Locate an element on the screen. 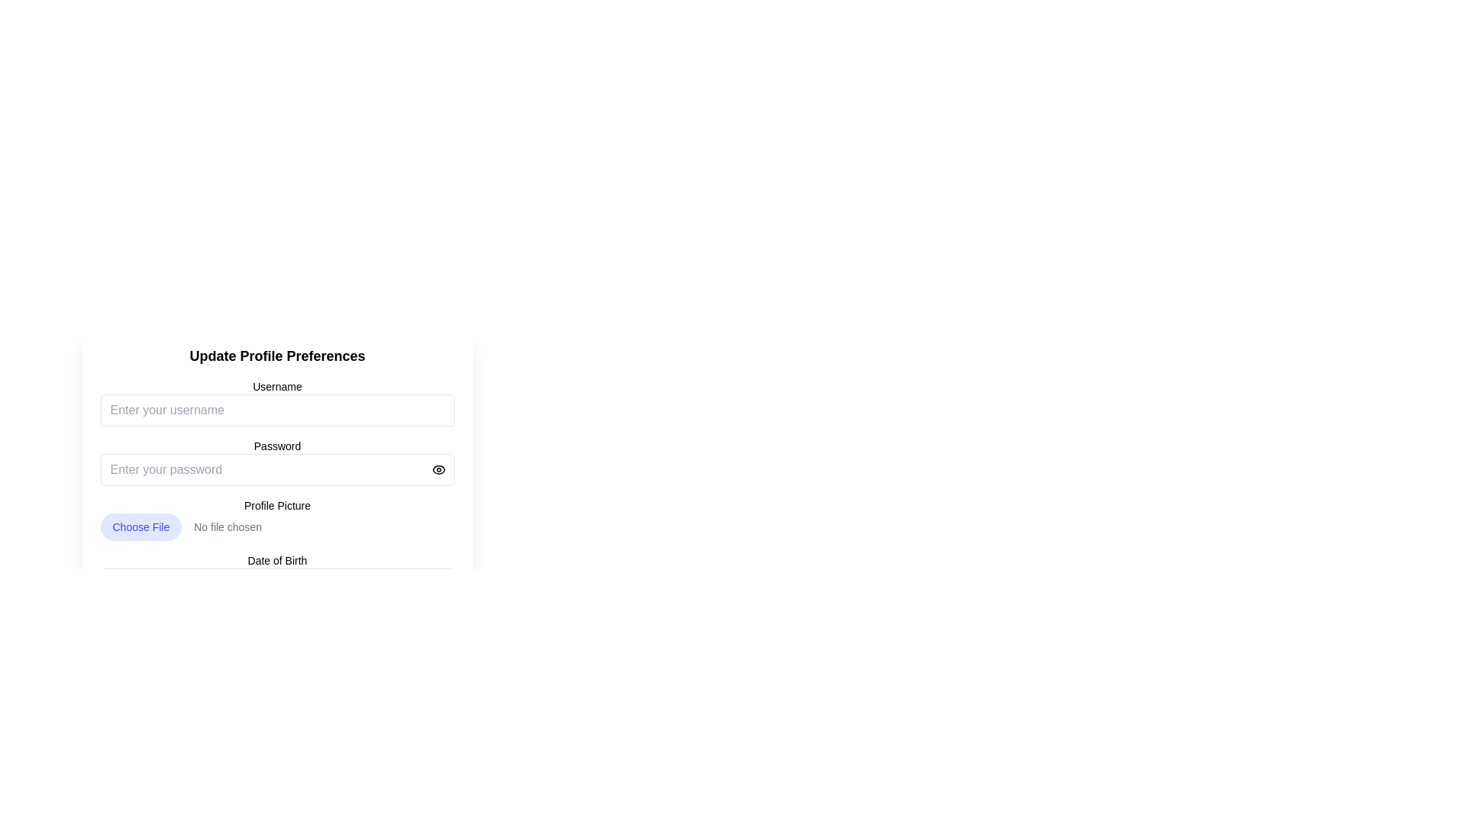 The height and width of the screenshot is (824, 1466). the 'Username' label element, which displays the text in a small sans-serif font above the corresponding input field is located at coordinates (277, 385).